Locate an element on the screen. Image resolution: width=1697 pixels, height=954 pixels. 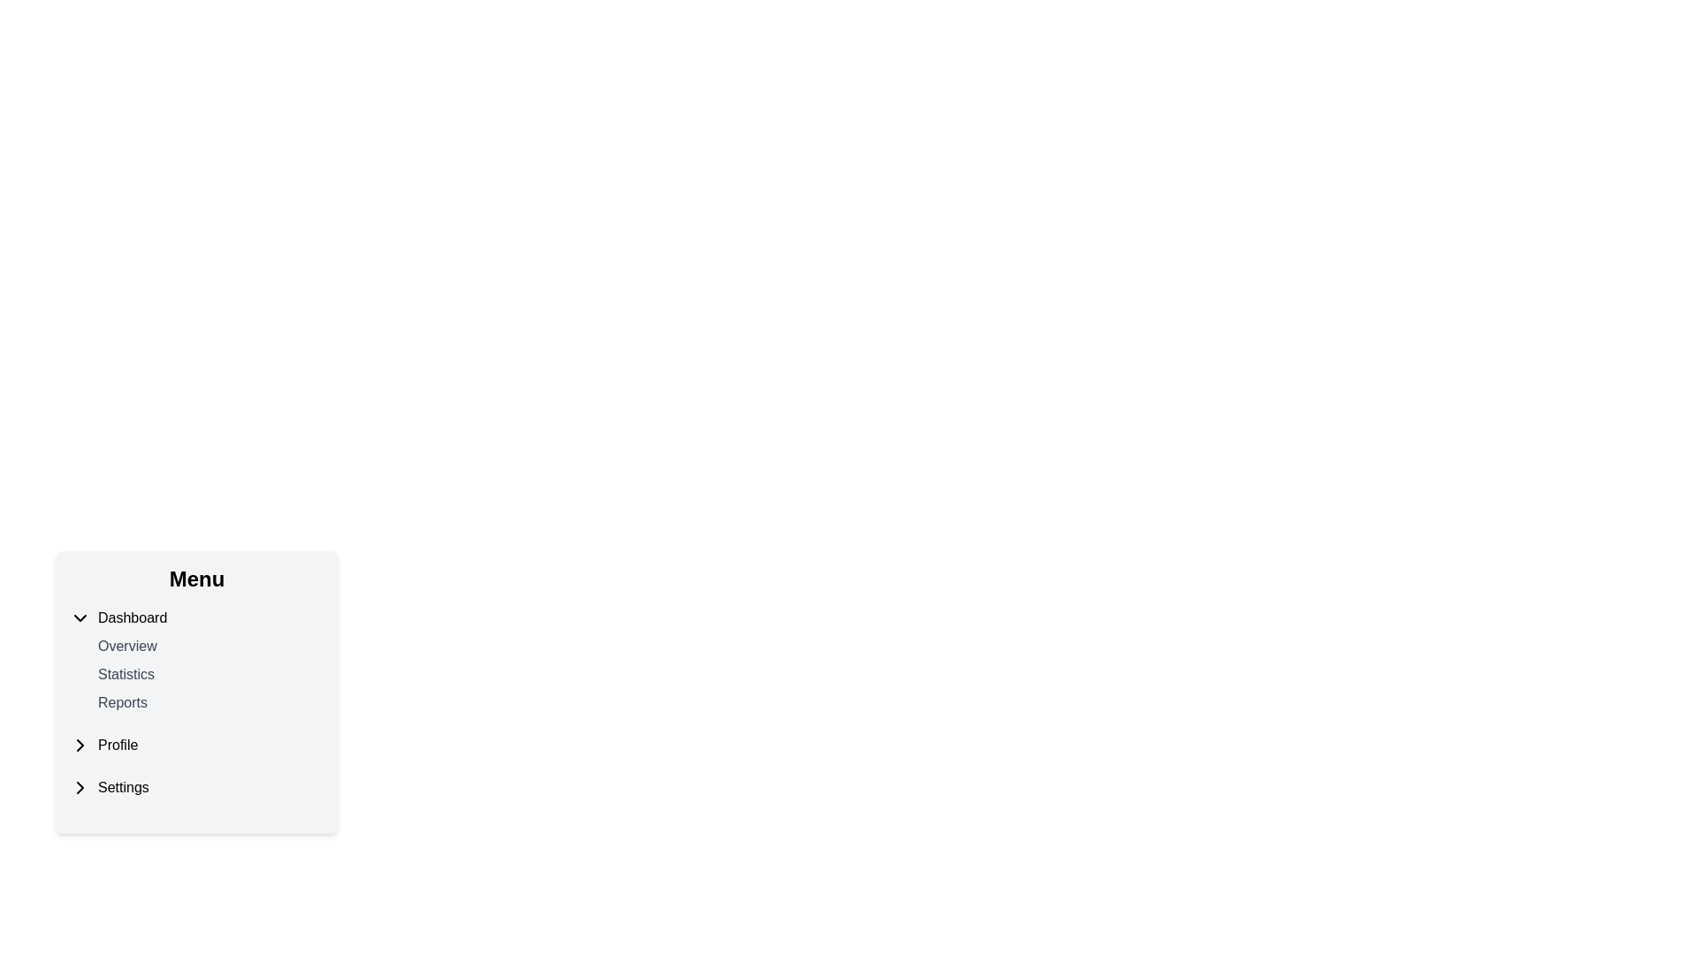
the right-facing chevron icon in the sidebar menu is located at coordinates (80, 746).